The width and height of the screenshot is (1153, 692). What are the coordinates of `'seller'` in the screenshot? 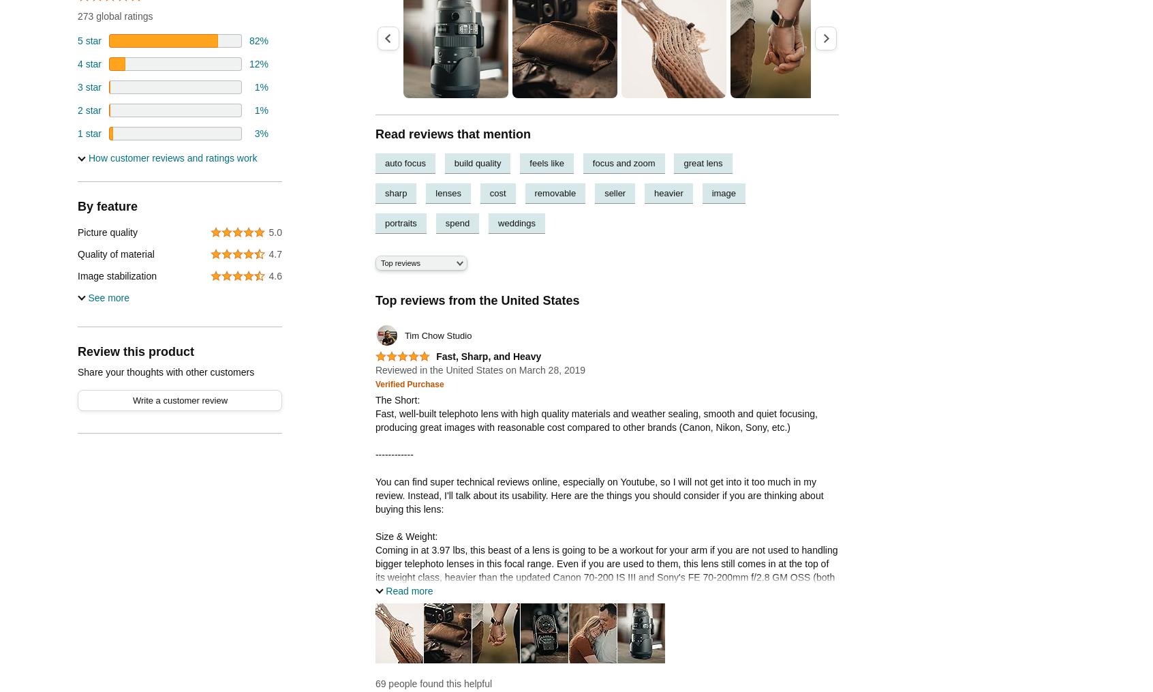 It's located at (614, 192).